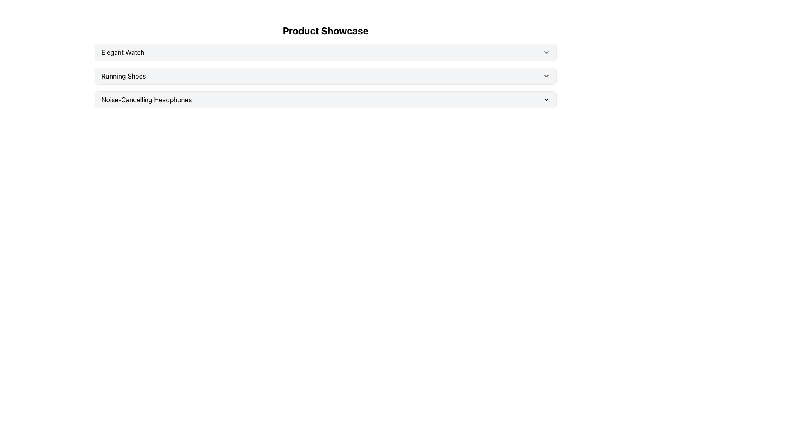 Image resolution: width=786 pixels, height=442 pixels. I want to click on label of the selectable Text Label for 'Noise-Cancelling Headphones' located as the third item in a horizontal list of product options, so click(147, 99).